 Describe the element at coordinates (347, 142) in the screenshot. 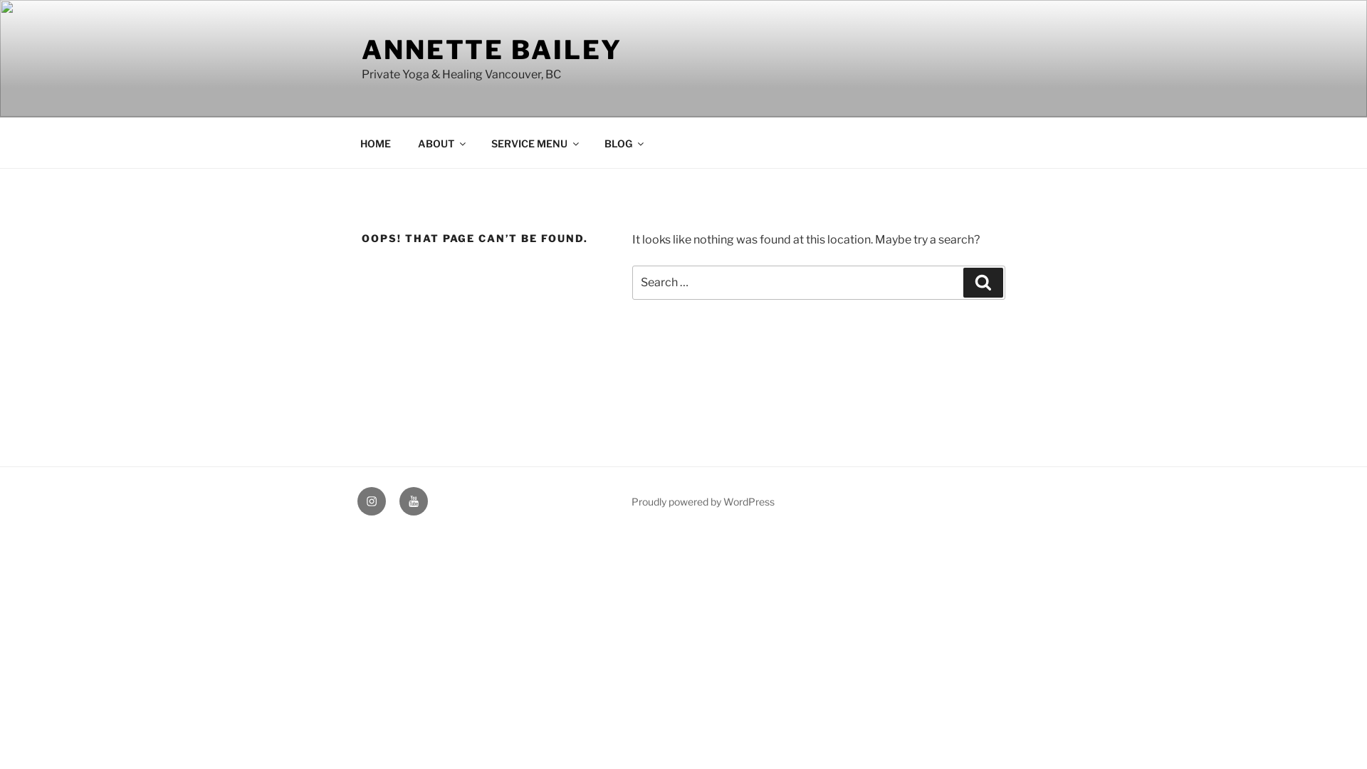

I see `'HOME'` at that location.